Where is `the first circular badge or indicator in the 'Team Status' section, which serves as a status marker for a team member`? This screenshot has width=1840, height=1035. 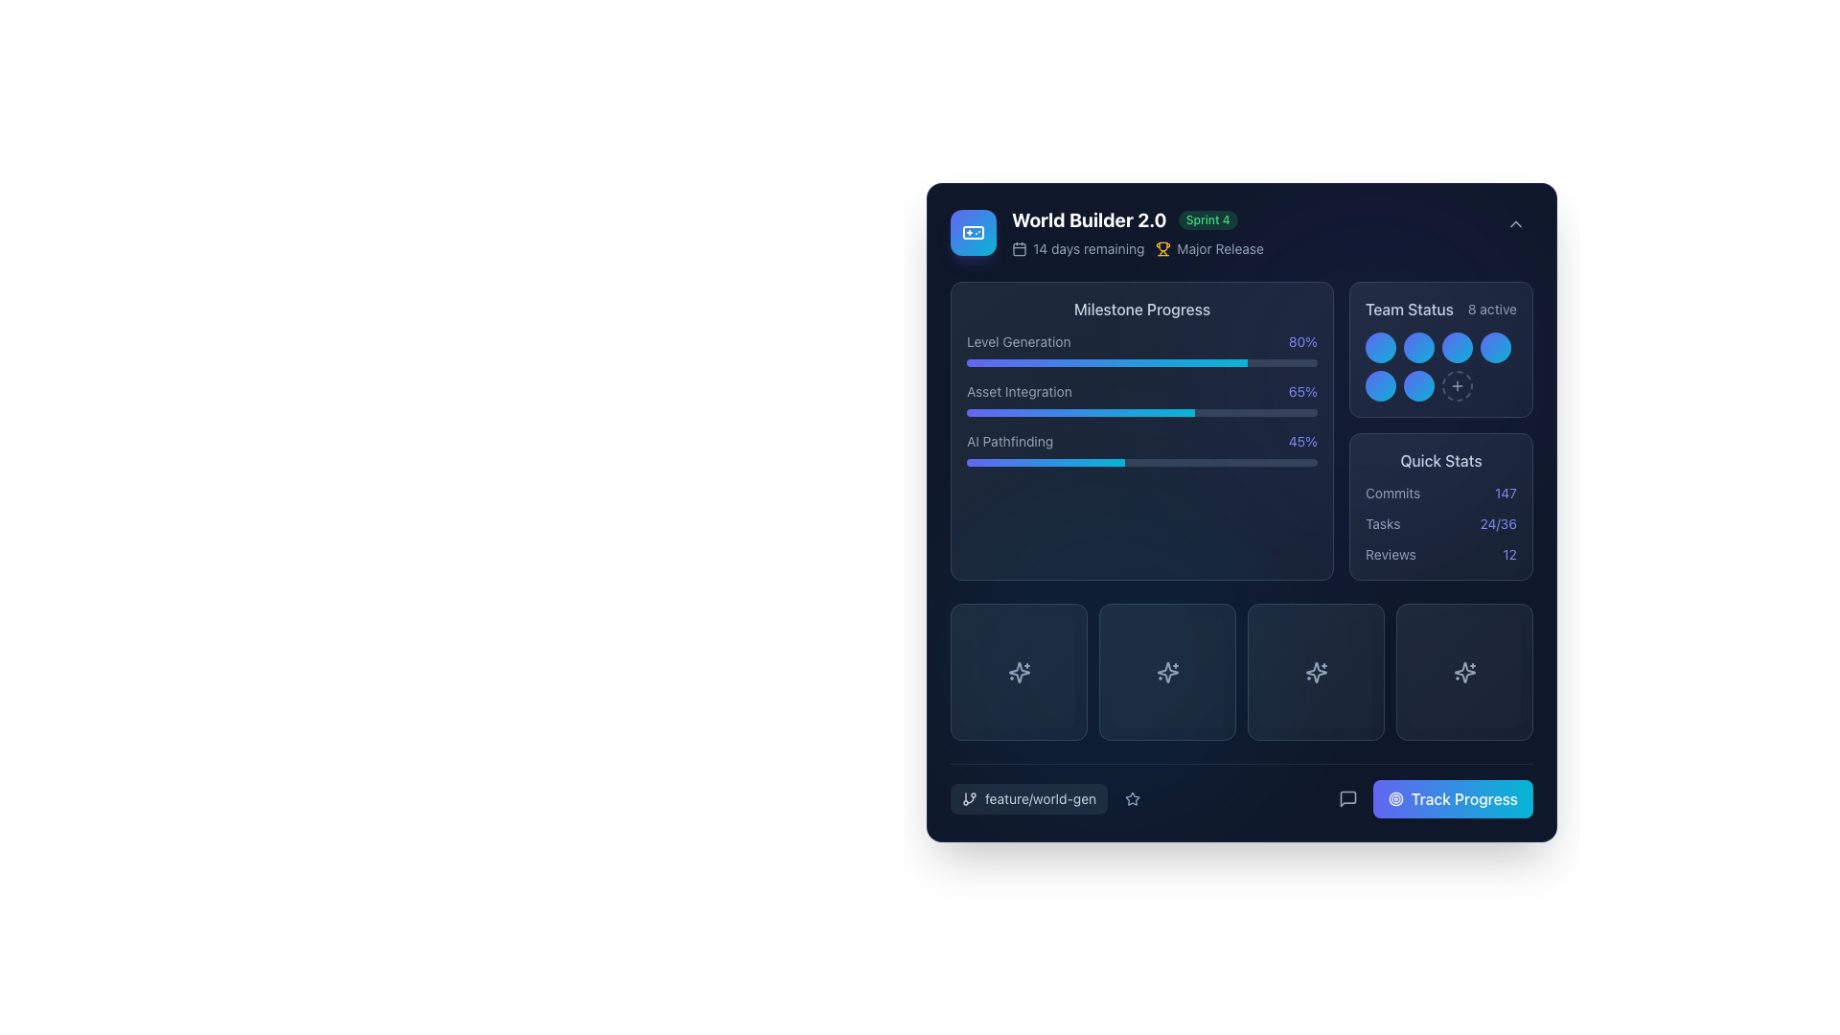 the first circular badge or indicator in the 'Team Status' section, which serves as a status marker for a team member is located at coordinates (1380, 347).